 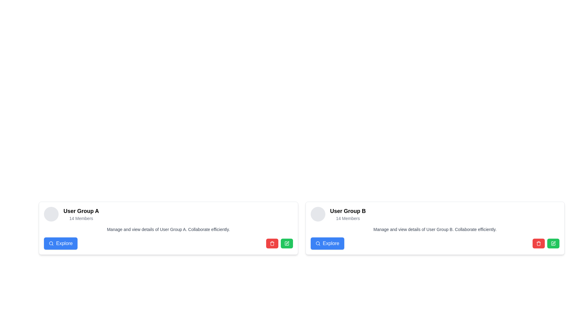 I want to click on the blue button labeled 'Explore' with a white magnifying glass icon located in the bottom-left corner of the card 'User Group B', so click(x=327, y=243).